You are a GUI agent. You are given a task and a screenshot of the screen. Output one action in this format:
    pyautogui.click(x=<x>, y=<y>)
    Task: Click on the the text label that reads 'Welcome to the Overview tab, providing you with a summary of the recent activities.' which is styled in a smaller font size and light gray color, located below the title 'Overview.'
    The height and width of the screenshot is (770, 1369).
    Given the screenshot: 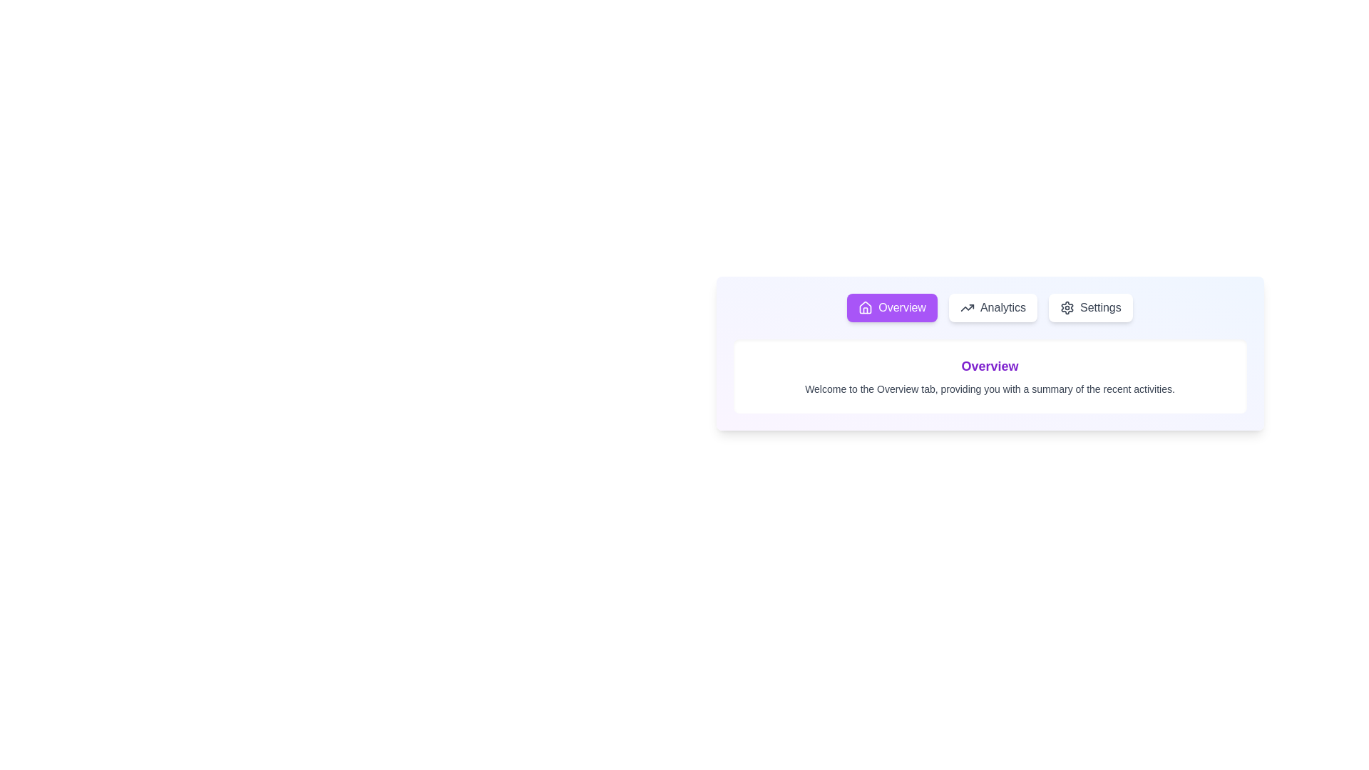 What is the action you would take?
    pyautogui.click(x=989, y=389)
    